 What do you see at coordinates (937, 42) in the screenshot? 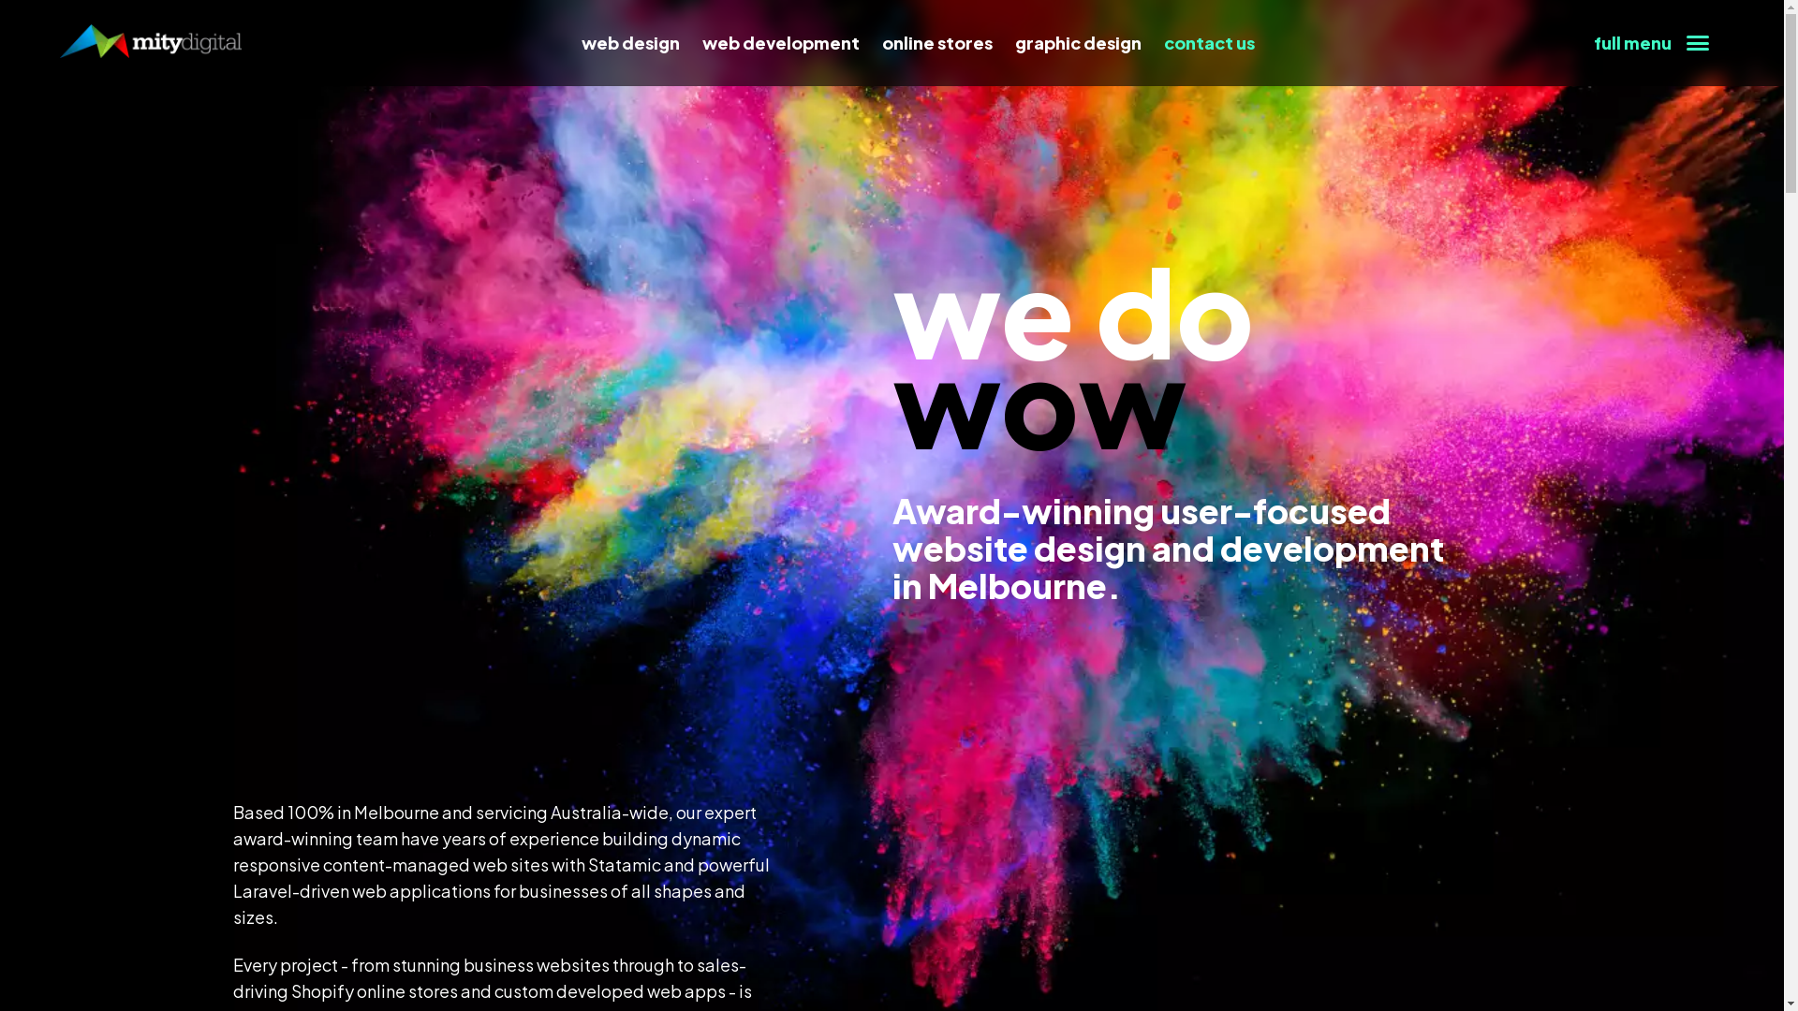
I see `'online stores'` at bounding box center [937, 42].